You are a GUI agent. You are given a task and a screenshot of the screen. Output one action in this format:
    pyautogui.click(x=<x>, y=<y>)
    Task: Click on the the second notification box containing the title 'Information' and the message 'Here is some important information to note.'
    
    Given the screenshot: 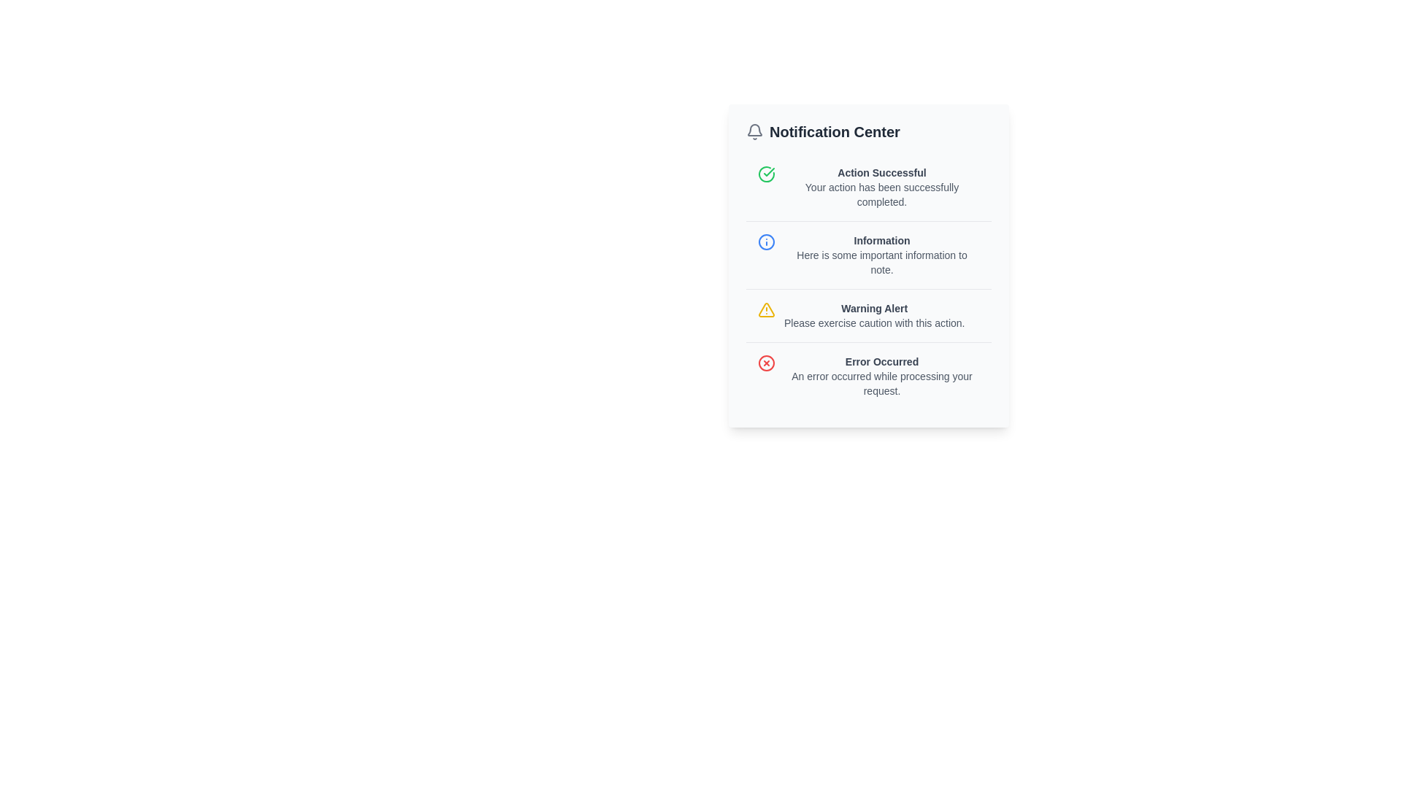 What is the action you would take?
    pyautogui.click(x=869, y=255)
    